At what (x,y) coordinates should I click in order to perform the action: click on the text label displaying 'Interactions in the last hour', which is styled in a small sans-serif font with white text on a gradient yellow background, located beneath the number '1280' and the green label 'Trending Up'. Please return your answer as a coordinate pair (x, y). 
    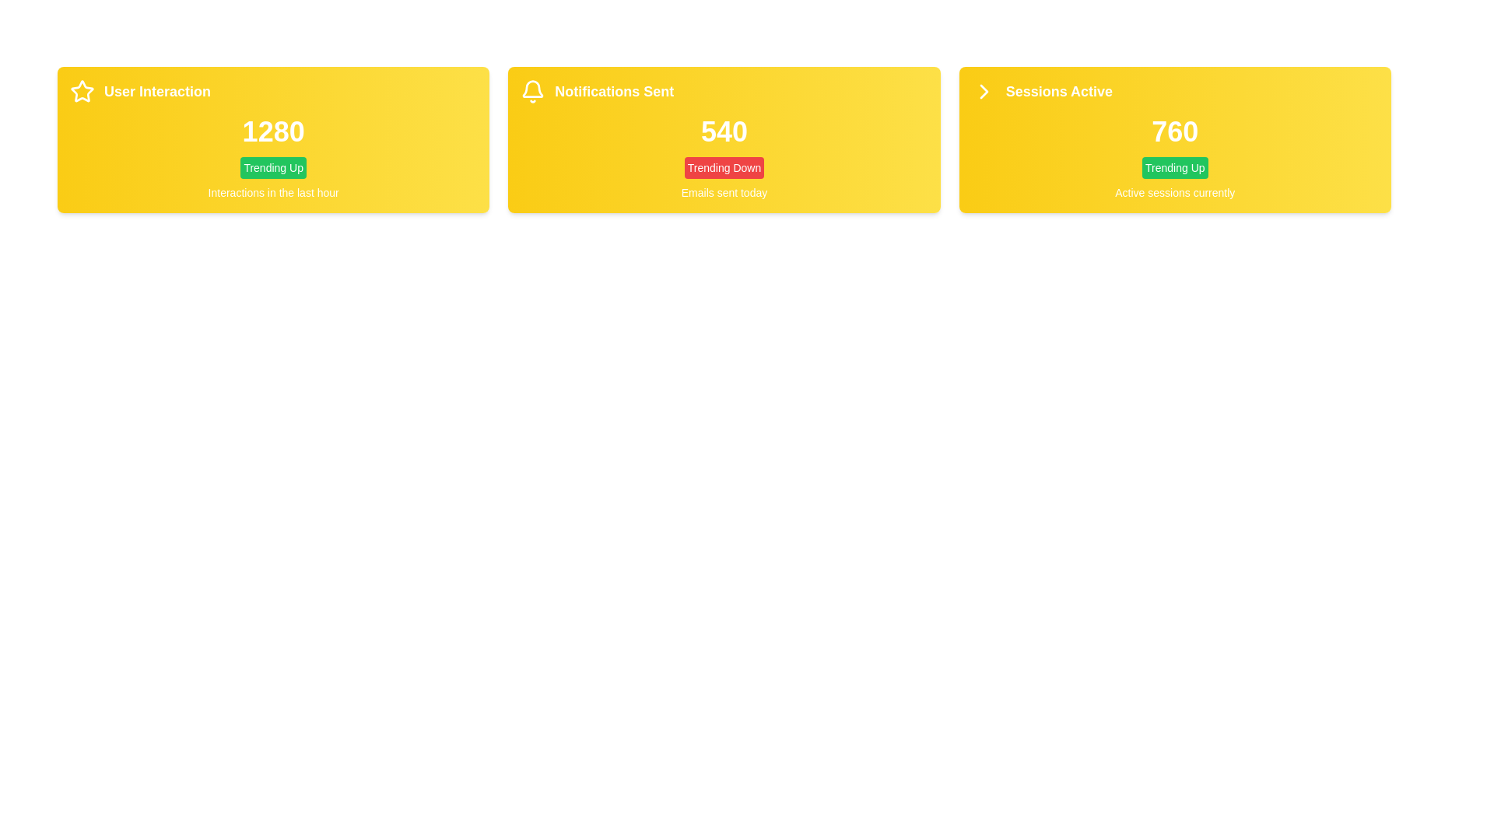
    Looking at the image, I should click on (273, 191).